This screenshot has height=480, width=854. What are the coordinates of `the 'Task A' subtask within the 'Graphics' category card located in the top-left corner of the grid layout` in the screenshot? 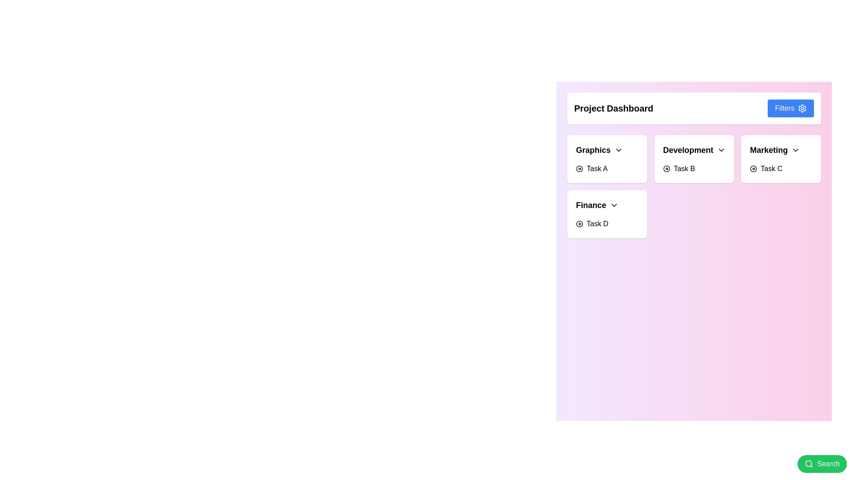 It's located at (606, 159).